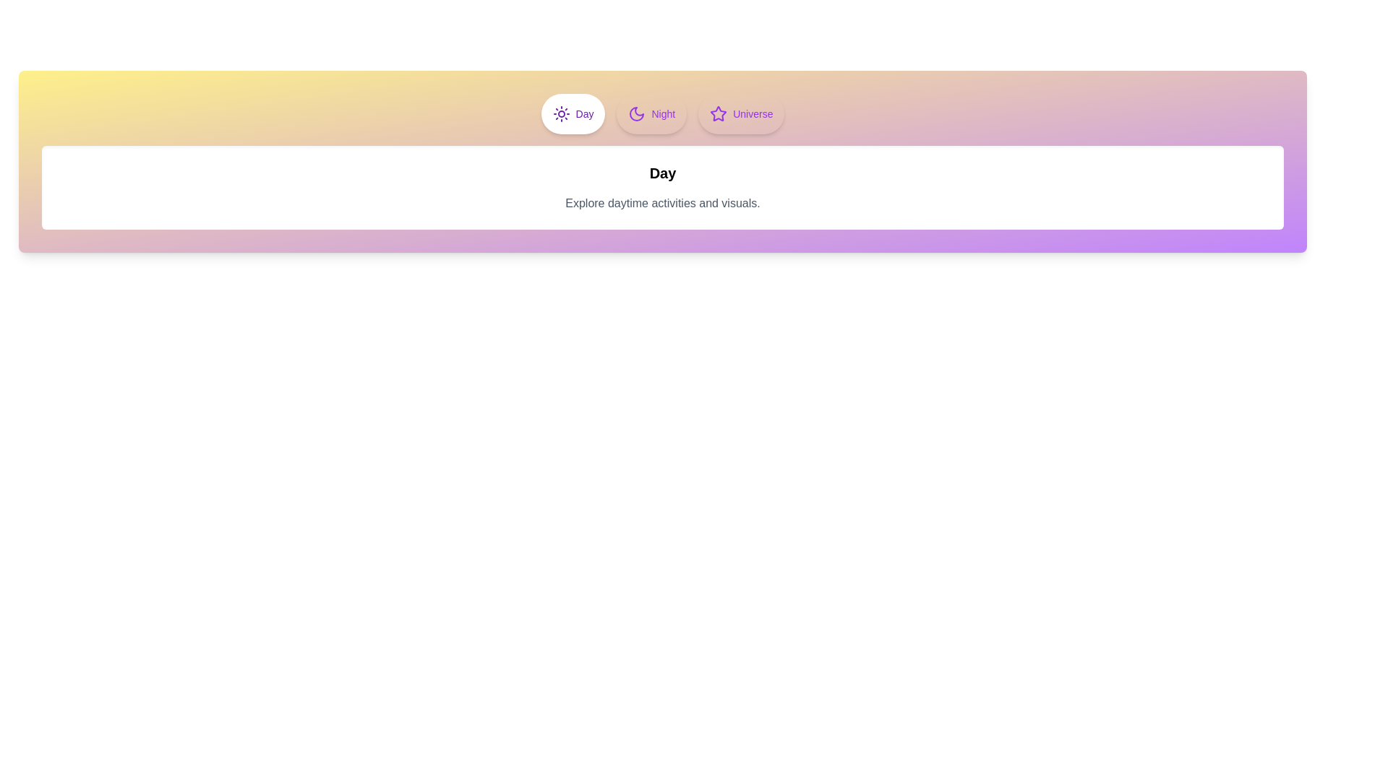 The width and height of the screenshot is (1388, 780). What do you see at coordinates (742, 113) in the screenshot?
I see `the Universe tab to observe its hover effect` at bounding box center [742, 113].